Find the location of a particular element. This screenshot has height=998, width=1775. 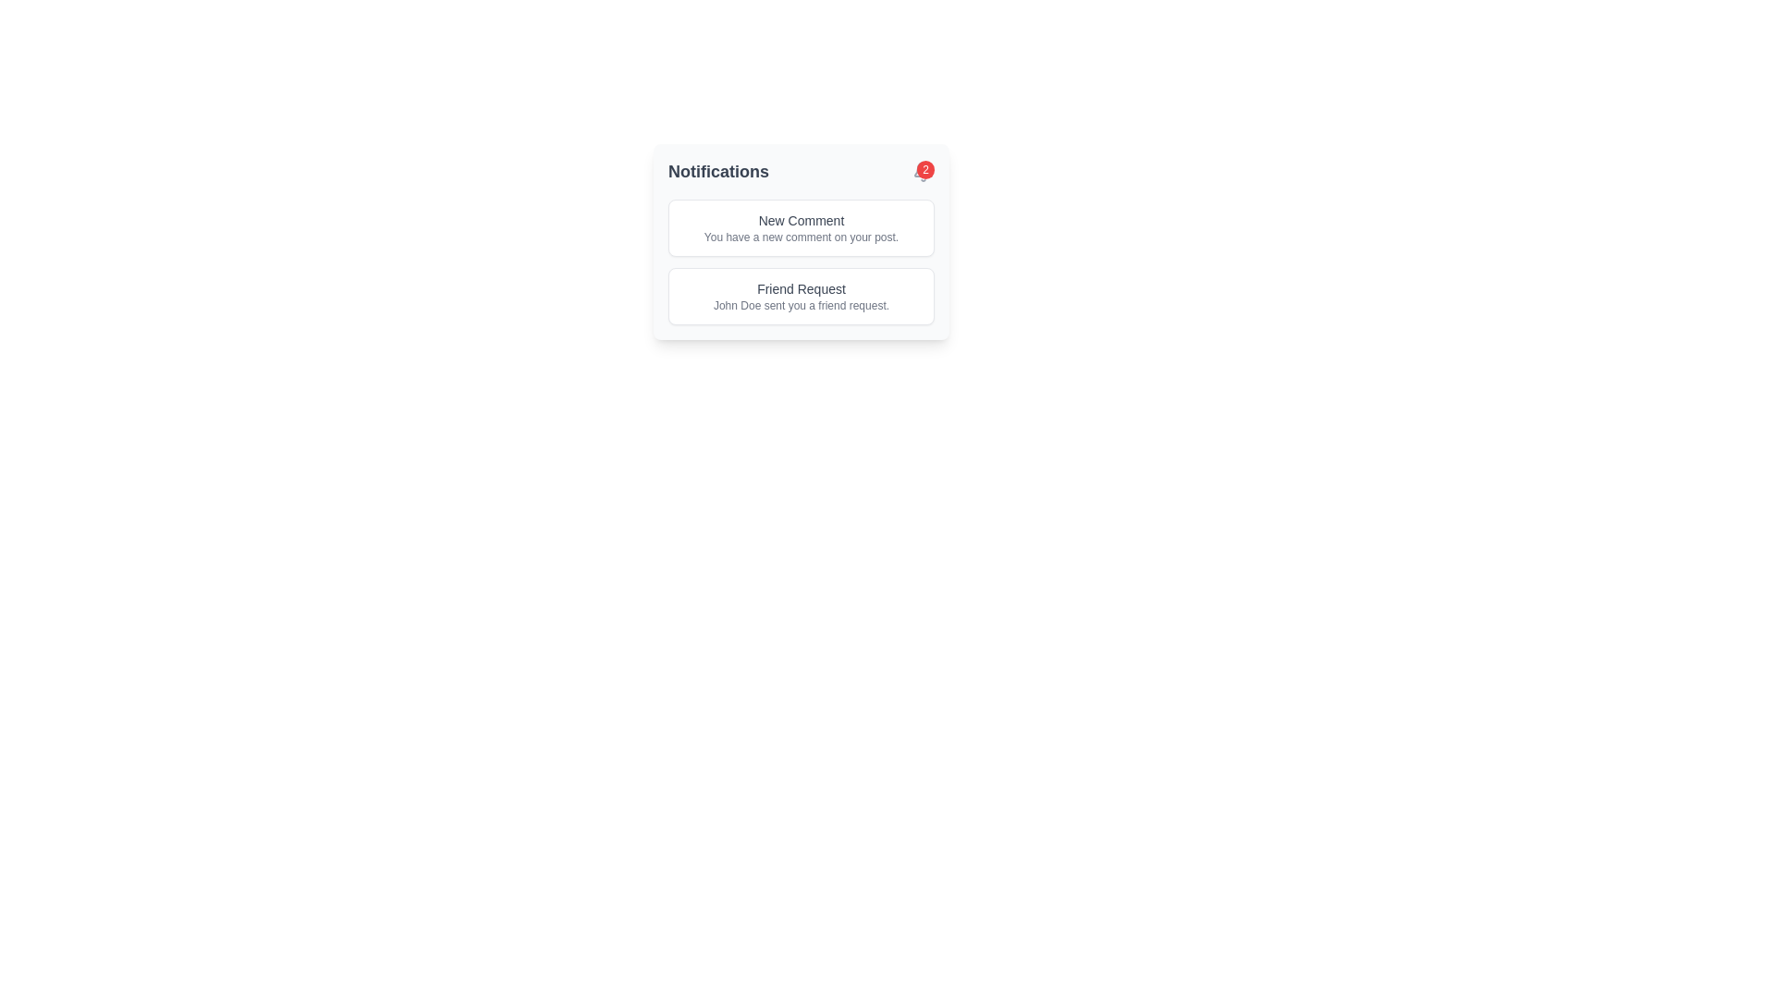

information provided by the Text label that details the new comment notification under the header 'New Comment' is located at coordinates (802, 237).